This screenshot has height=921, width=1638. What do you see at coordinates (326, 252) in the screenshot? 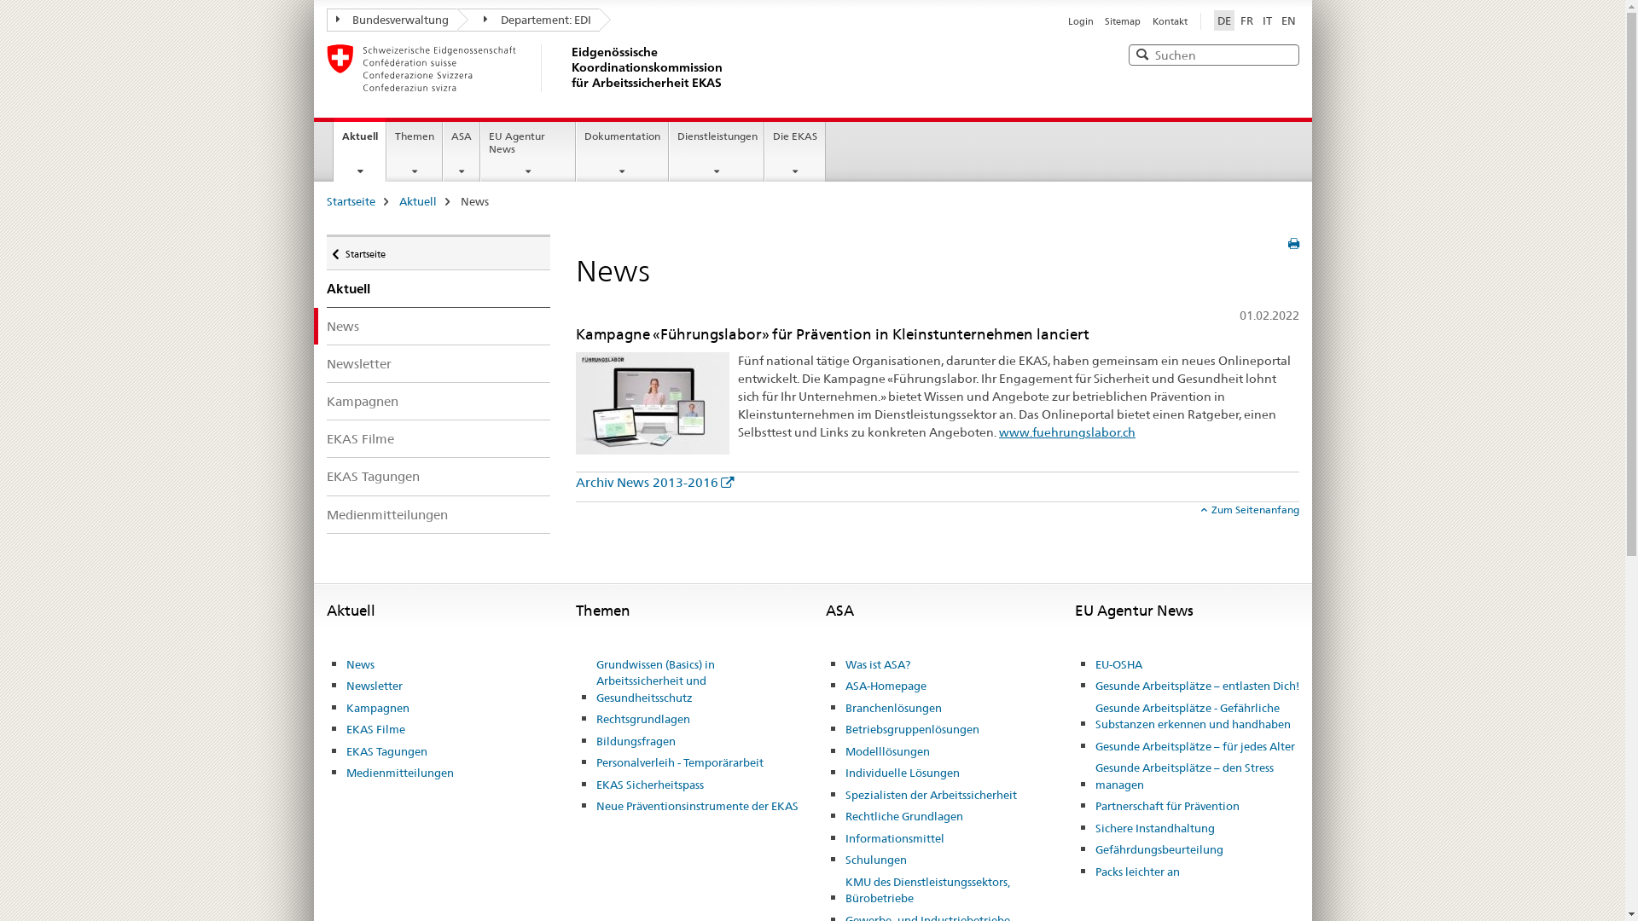
I see `'Startseite'` at bounding box center [326, 252].